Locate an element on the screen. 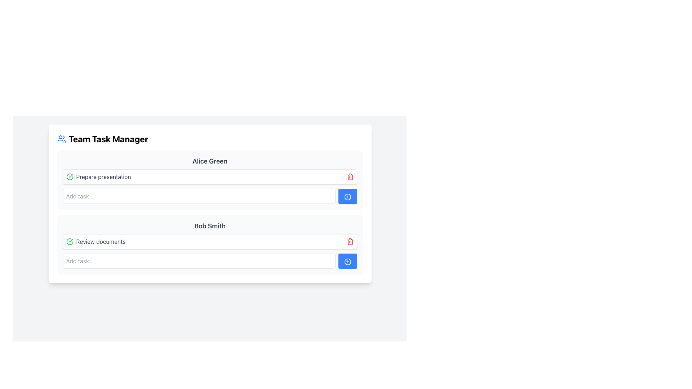 This screenshot has height=389, width=692. the input field of the composite component located under the label 'Alice Green' with placeholder text 'Add task...' is located at coordinates (209, 196).